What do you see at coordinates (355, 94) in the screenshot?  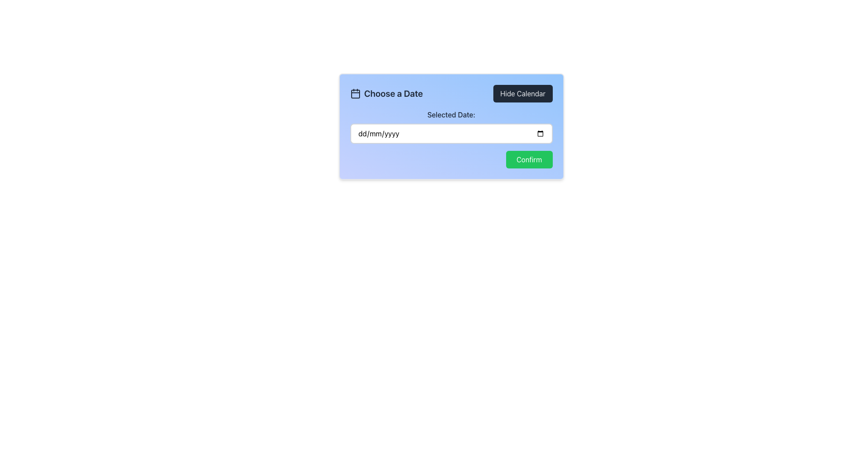 I see `the graphical element resembling an SVG rectangle that represents the inner box within the calendar icon` at bounding box center [355, 94].